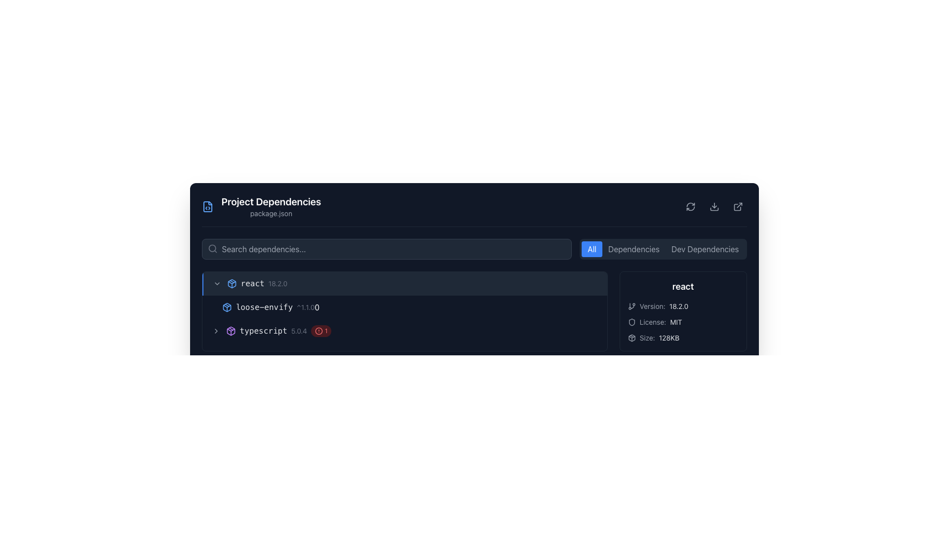 The width and height of the screenshot is (948, 533). Describe the element at coordinates (631, 322) in the screenshot. I see `the small shield icon, which is filled with a gray tone and indicates security or protection, located at the start of the 'License: MIT' text block under the 'react' dependency detail` at that location.